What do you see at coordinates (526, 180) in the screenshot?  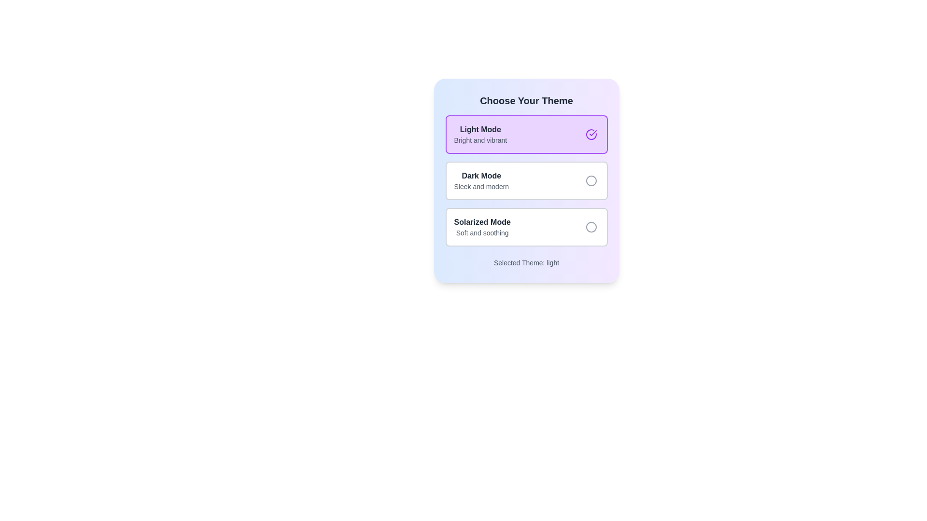 I see `the 'Dark Mode' theme selectable list item, which is the second option in a vertical list of three theme options` at bounding box center [526, 180].